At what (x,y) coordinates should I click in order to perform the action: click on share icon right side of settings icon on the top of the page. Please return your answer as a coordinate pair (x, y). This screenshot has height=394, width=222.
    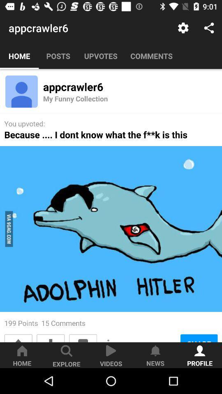
    Looking at the image, I should click on (209, 28).